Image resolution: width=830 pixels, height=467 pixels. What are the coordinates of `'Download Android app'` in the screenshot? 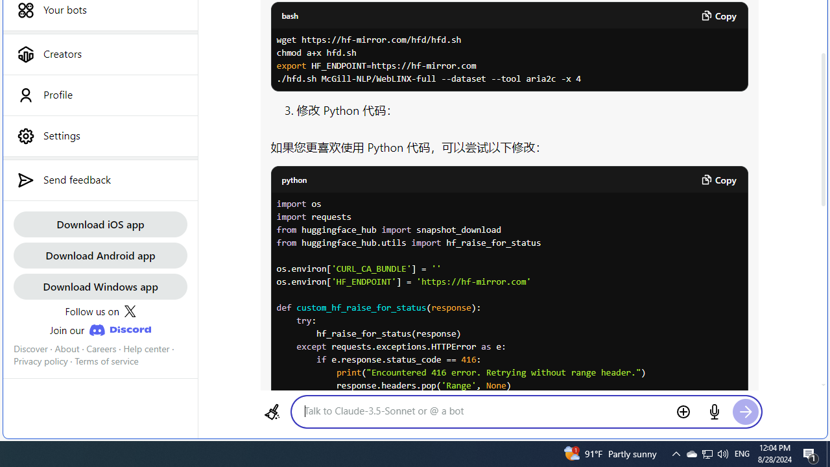 It's located at (99, 255).